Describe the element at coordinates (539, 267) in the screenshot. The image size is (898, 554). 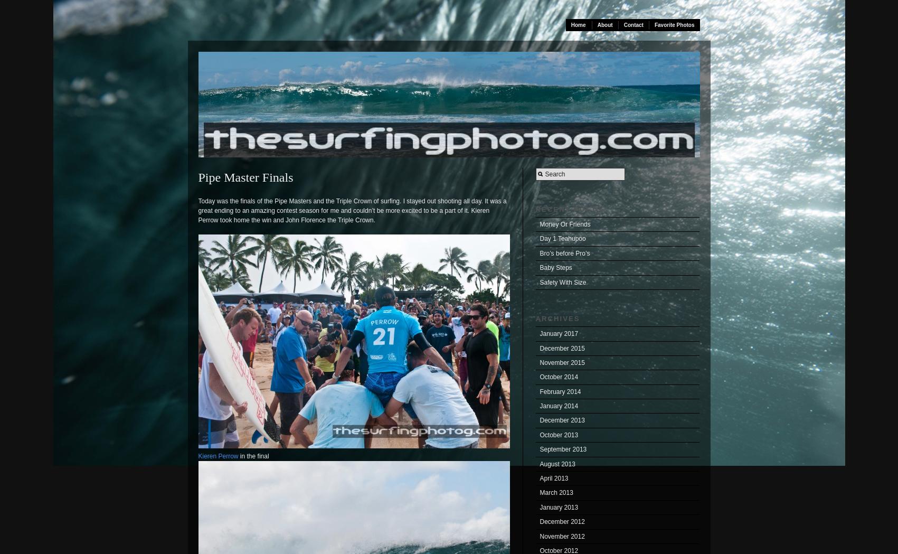
I see `'Baby Steps'` at that location.